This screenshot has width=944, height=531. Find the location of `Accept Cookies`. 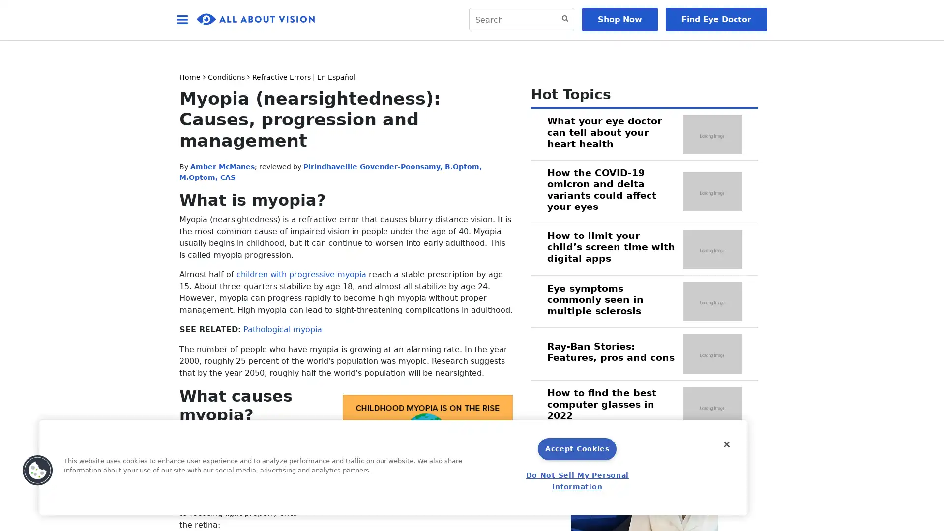

Accept Cookies is located at coordinates (577, 449).